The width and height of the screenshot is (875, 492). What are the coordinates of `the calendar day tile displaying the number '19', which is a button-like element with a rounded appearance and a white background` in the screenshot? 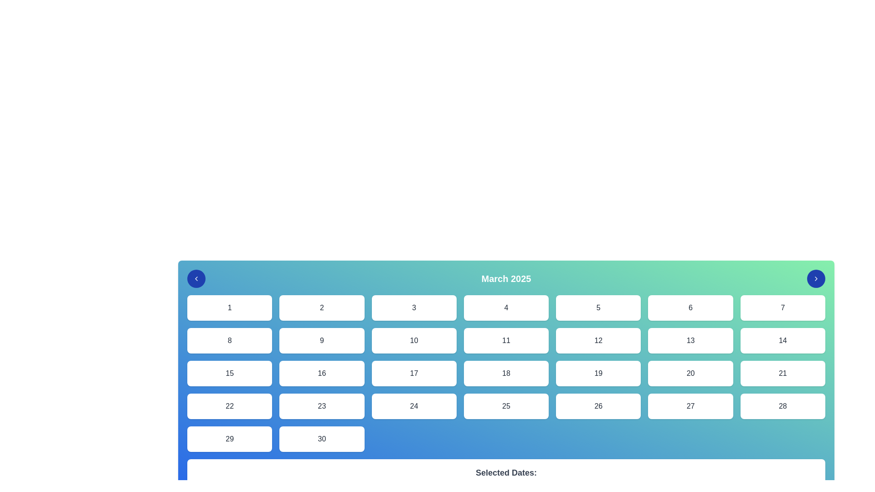 It's located at (598, 374).